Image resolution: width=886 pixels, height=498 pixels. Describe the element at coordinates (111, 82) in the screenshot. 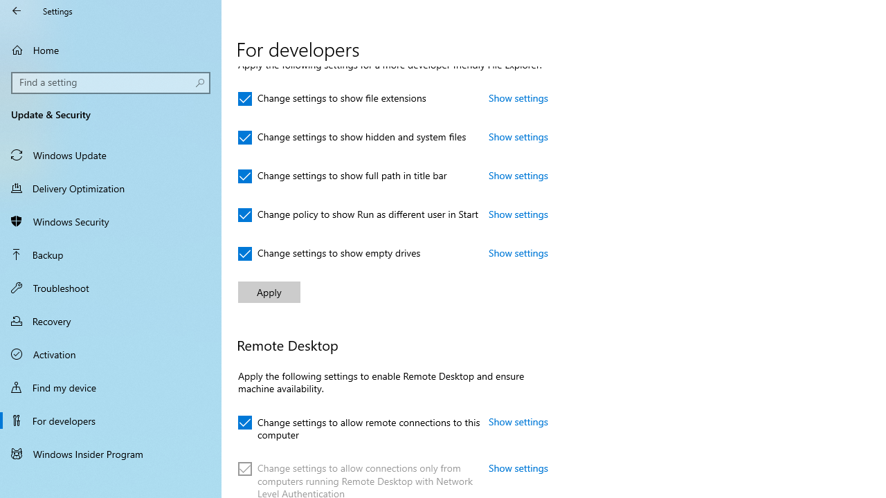

I see `'Search box, Find a setting'` at that location.